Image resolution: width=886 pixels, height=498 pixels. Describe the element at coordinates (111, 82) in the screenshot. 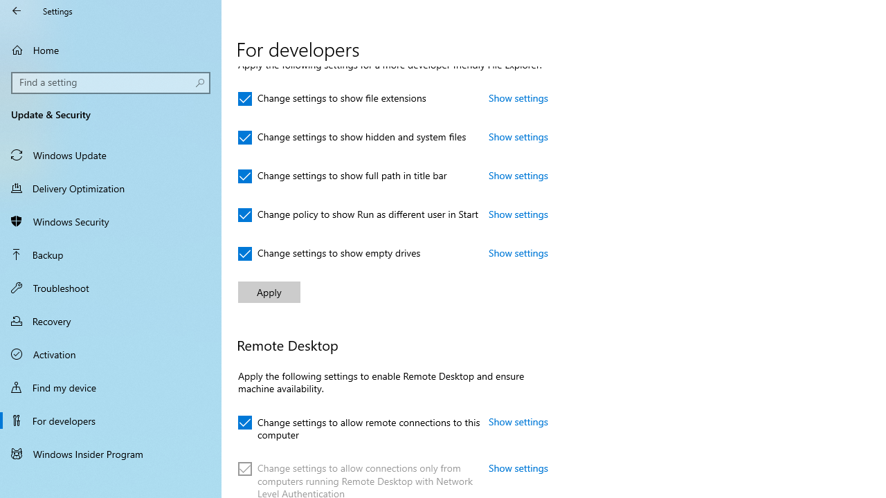

I see `'Search box, Find a setting'` at that location.